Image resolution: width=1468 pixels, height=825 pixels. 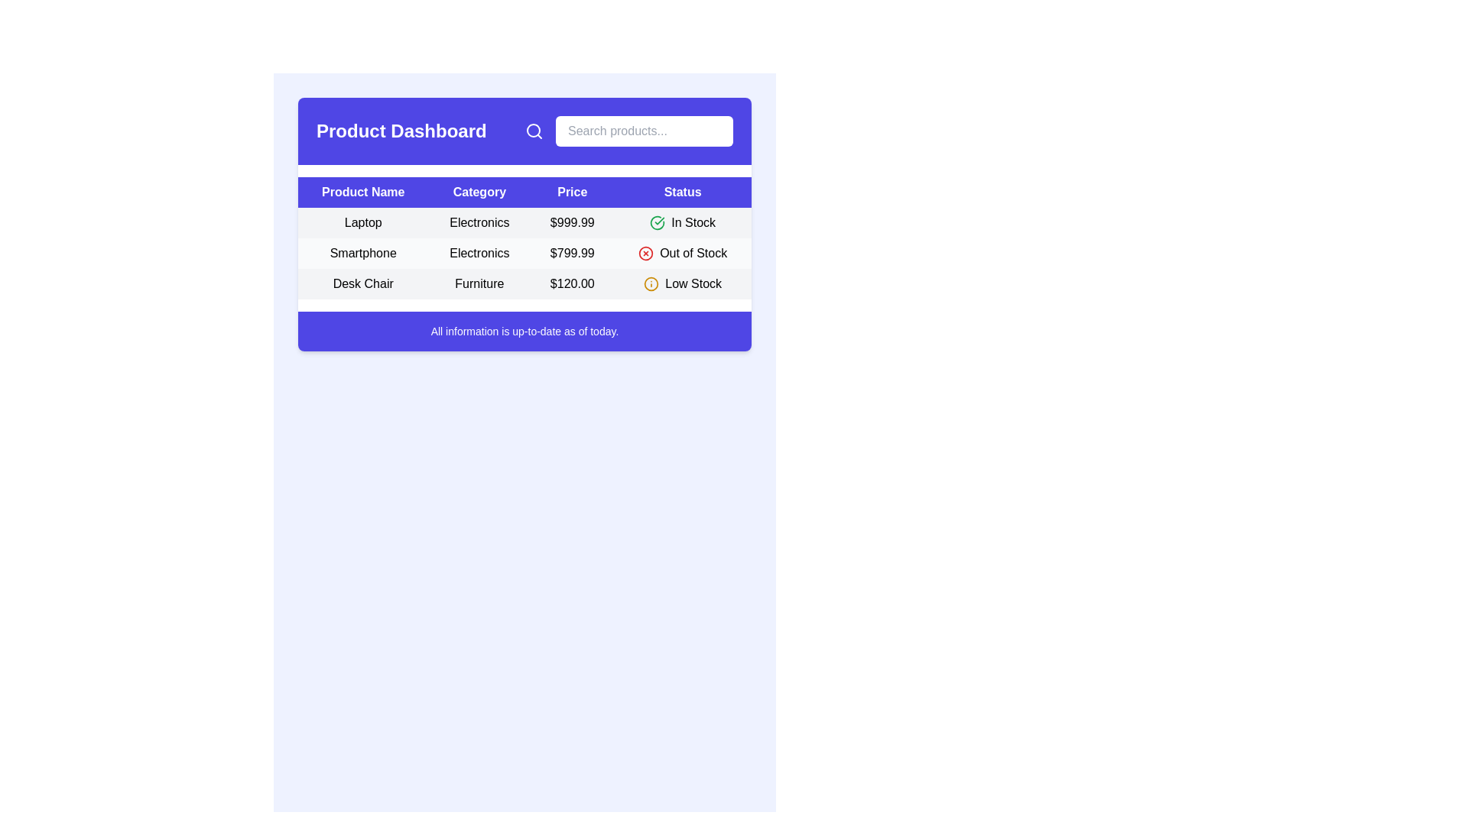 What do you see at coordinates (362, 223) in the screenshot?
I see `the Text label that identifies the product type or name in the first column of the first row under the 'Product Name' header, positioned to the left of the 'Electronics' label and displaying 'Laptop'` at bounding box center [362, 223].